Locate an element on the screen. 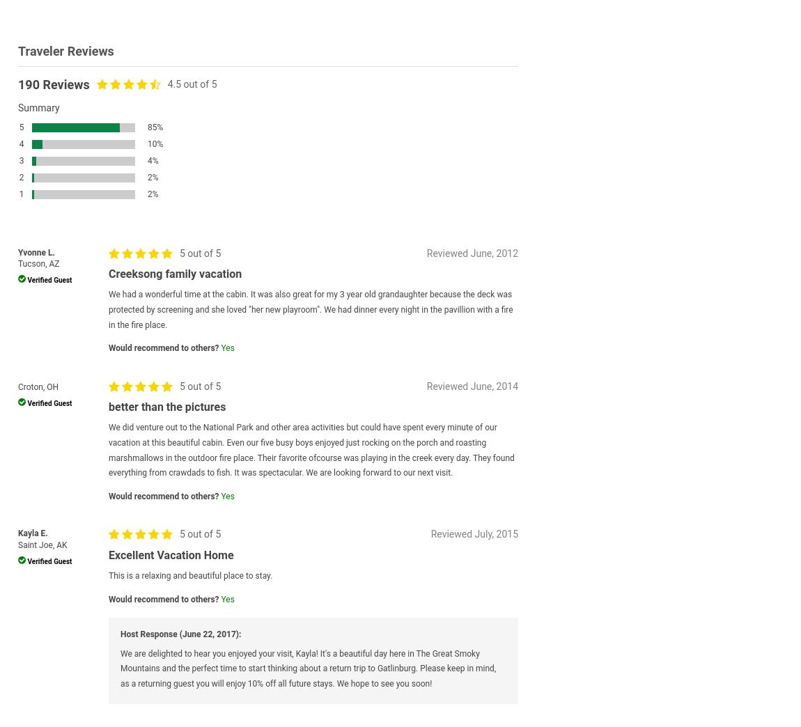  'Host Response (June 22, 2017):' is located at coordinates (180, 634).